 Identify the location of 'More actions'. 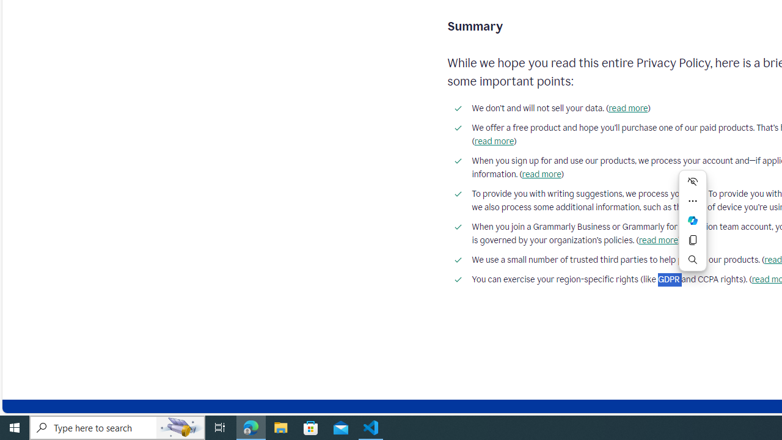
(693, 200).